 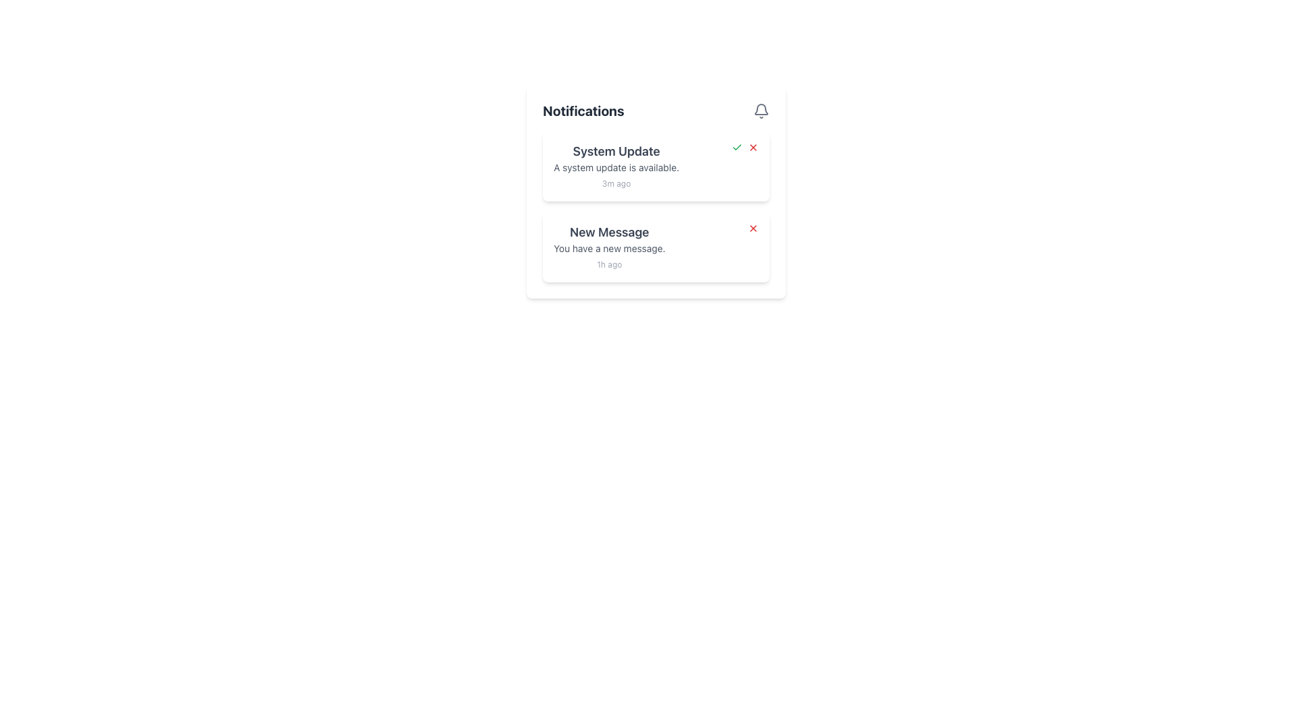 What do you see at coordinates (616, 183) in the screenshot?
I see `time information from the text label located below the notification's title and message, specifically under the text 'A system update is available.'` at bounding box center [616, 183].